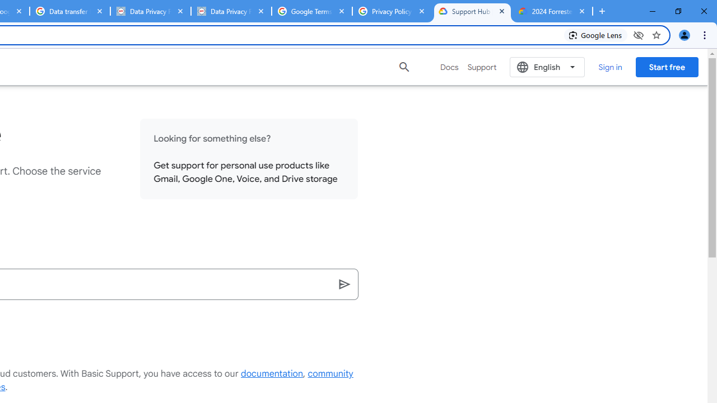 This screenshot has height=403, width=717. What do you see at coordinates (449, 67) in the screenshot?
I see `'Docs'` at bounding box center [449, 67].